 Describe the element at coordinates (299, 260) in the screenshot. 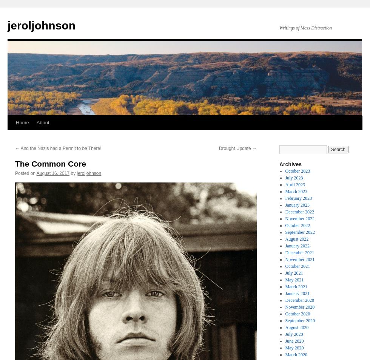

I see `'November 2021'` at that location.